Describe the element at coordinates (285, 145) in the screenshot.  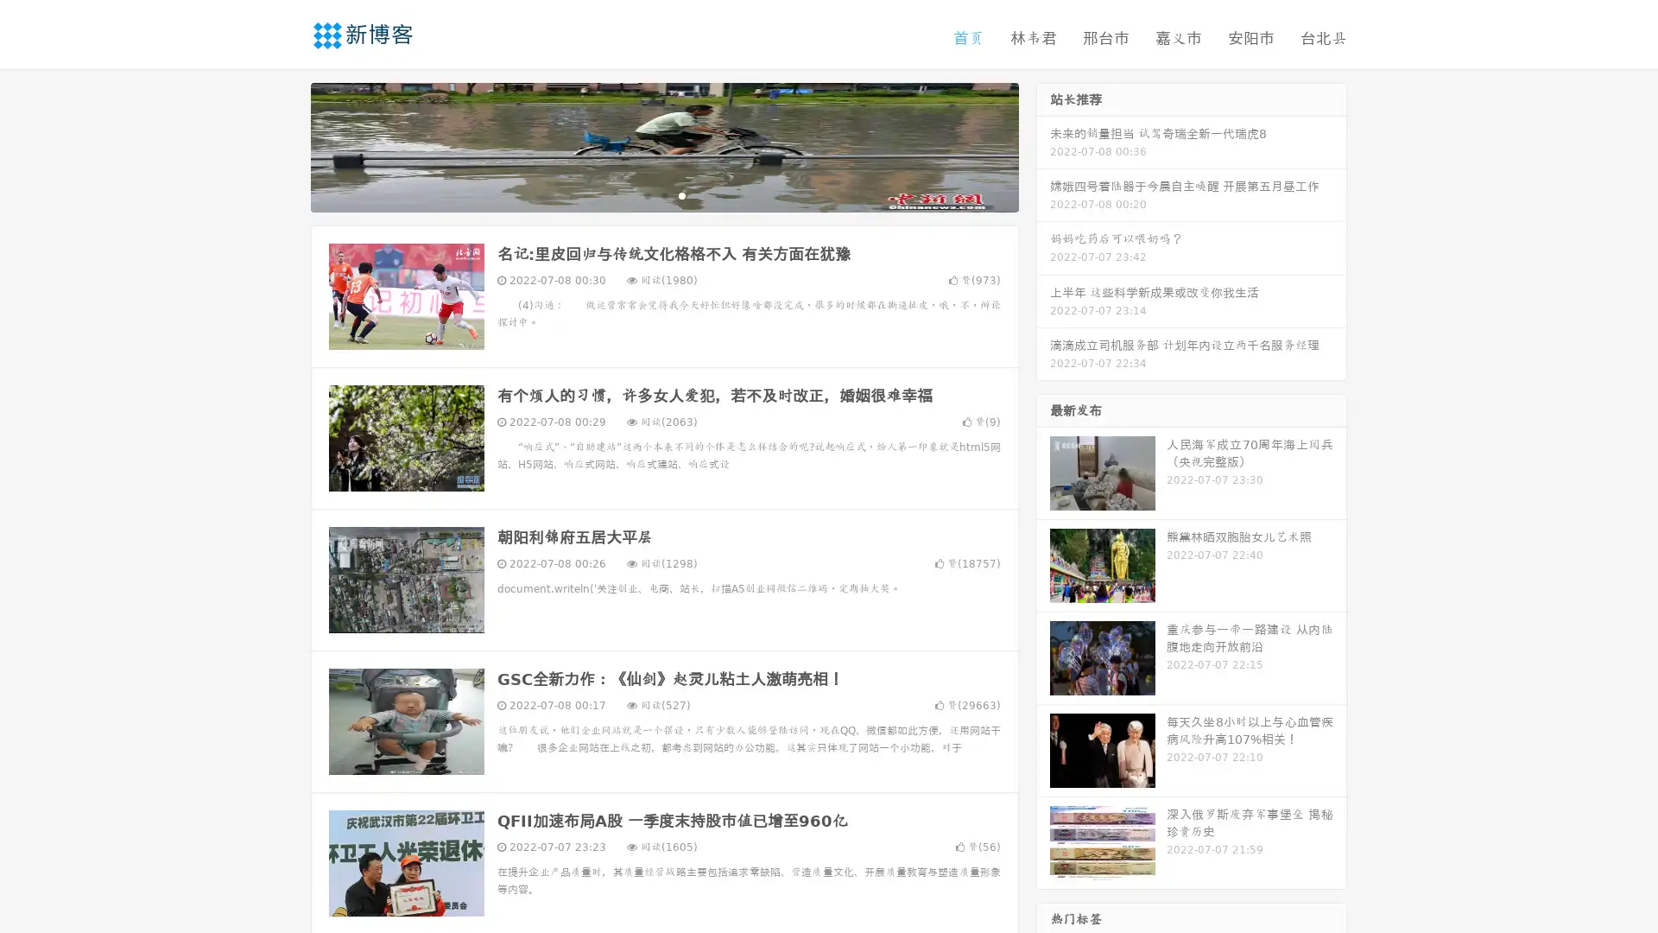
I see `Previous slide` at that location.